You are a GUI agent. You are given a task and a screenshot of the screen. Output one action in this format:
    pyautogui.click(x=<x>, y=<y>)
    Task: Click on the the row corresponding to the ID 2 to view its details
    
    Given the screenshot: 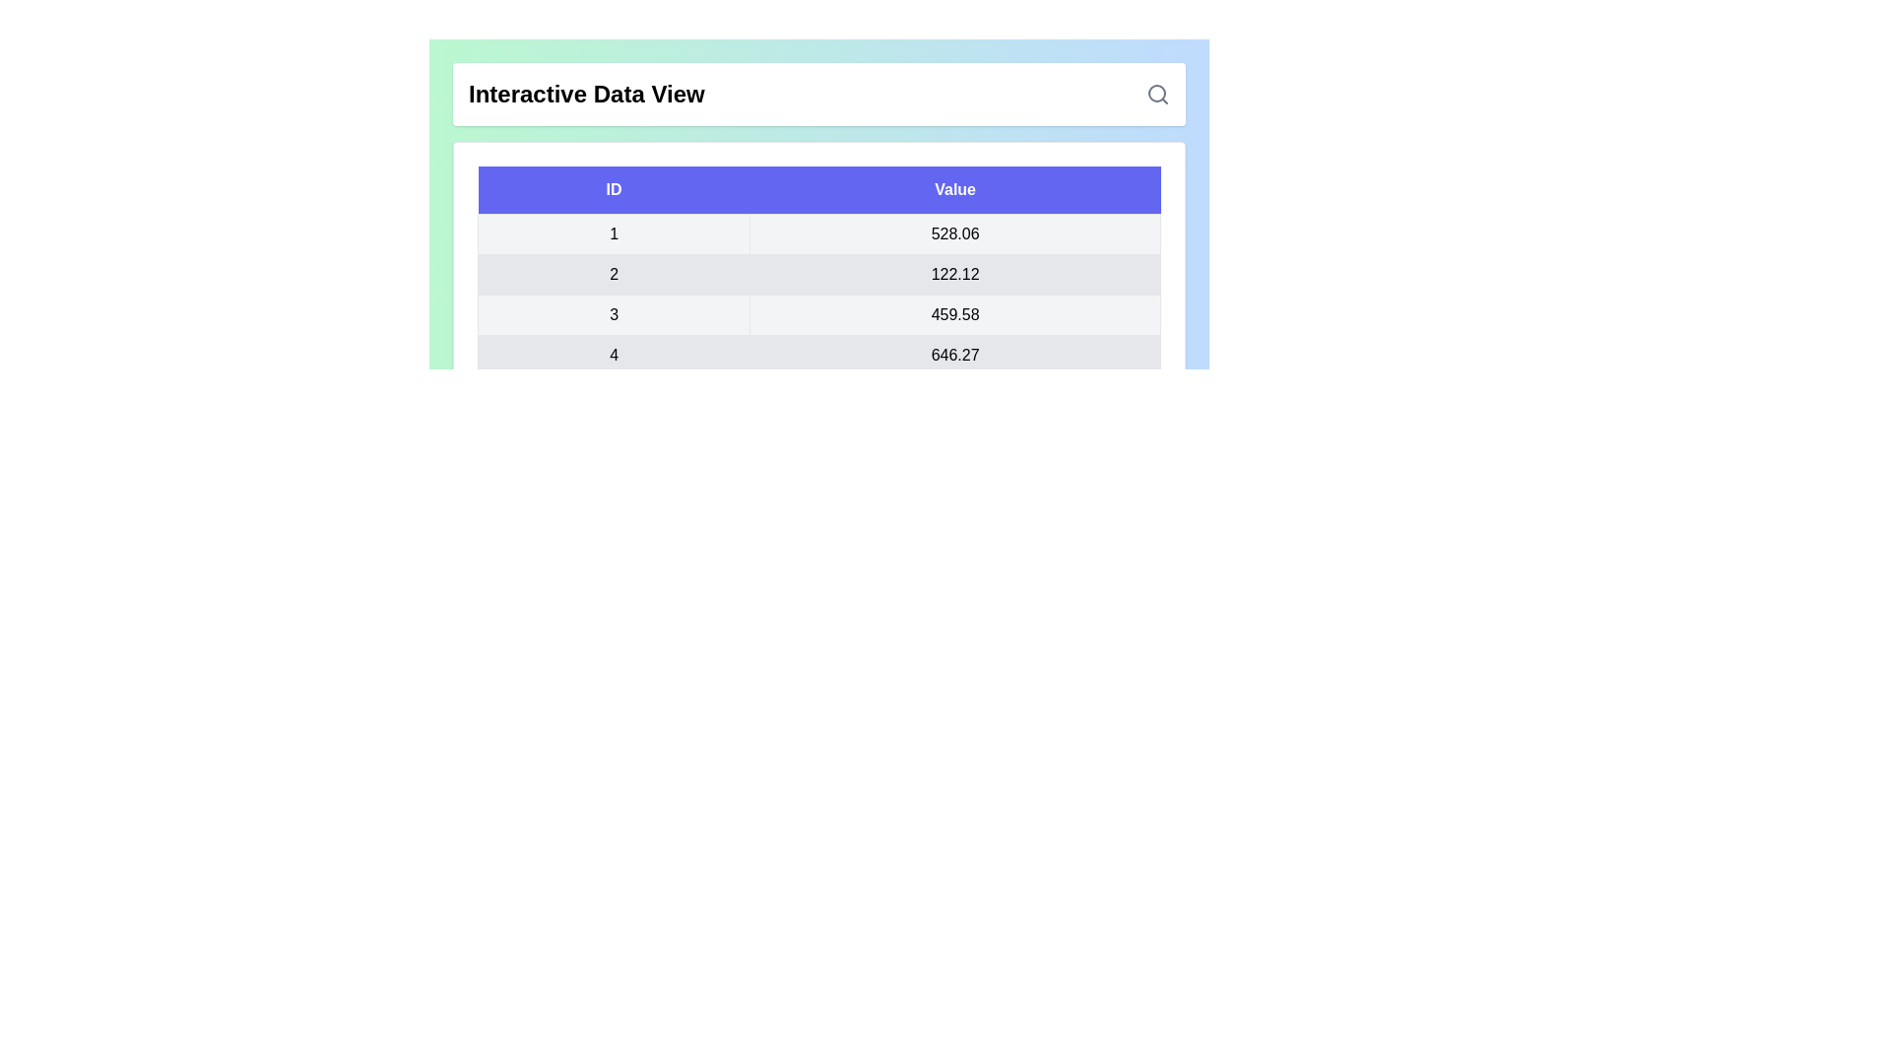 What is the action you would take?
    pyautogui.click(x=613, y=274)
    